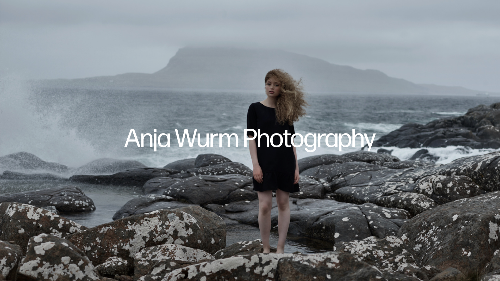 The image size is (500, 281). I want to click on 'Anja Wurm Photography', so click(250, 139).